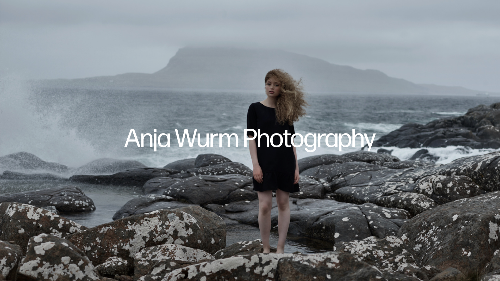 The image size is (500, 281). I want to click on 'Anja Wurm Photography', so click(250, 139).